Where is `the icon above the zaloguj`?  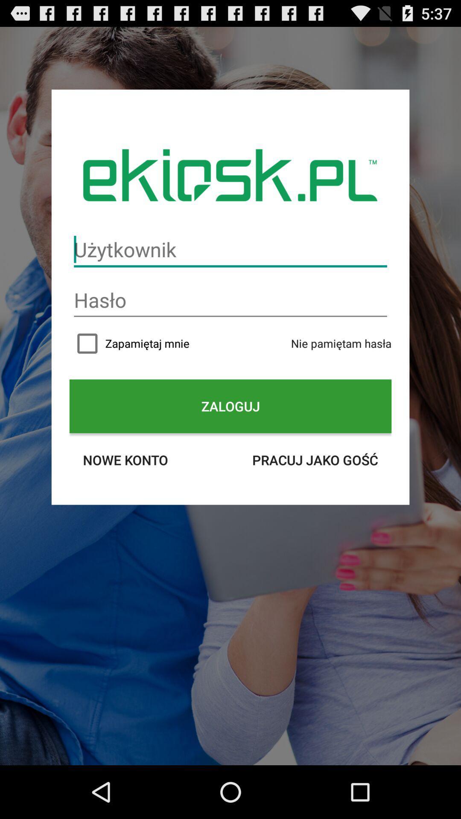 the icon above the zaloguj is located at coordinates (341, 343).